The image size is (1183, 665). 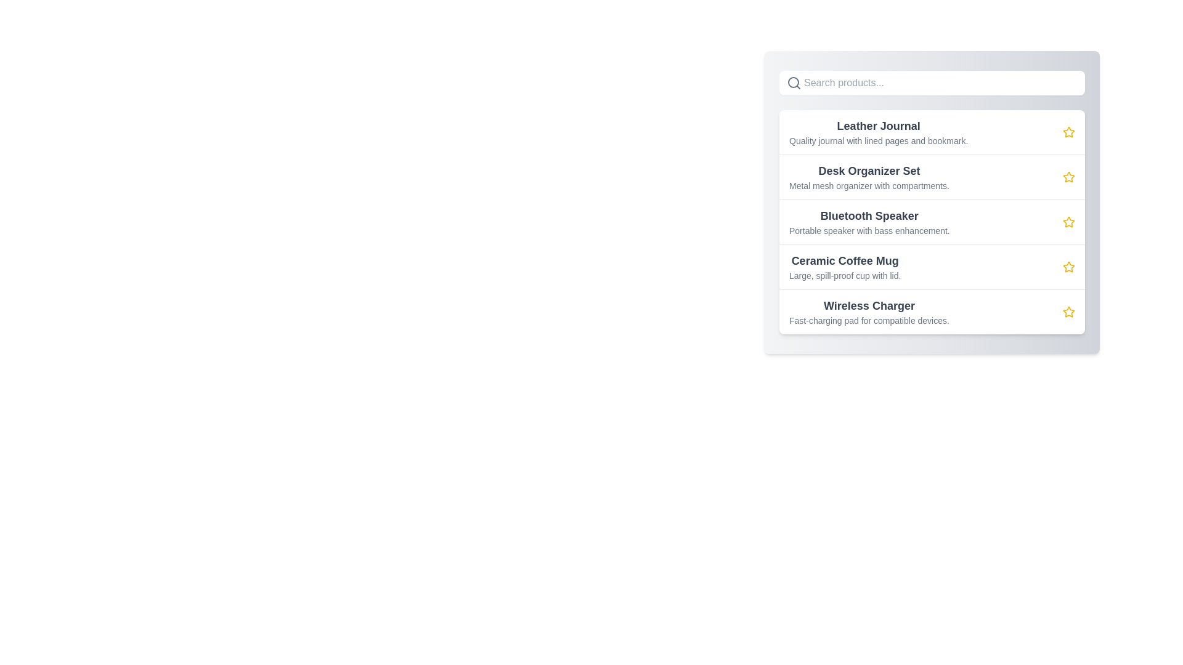 What do you see at coordinates (1068, 132) in the screenshot?
I see `the yellow star icon with a hollowed-out center, located to the far right of the 'Leather Journal' label` at bounding box center [1068, 132].